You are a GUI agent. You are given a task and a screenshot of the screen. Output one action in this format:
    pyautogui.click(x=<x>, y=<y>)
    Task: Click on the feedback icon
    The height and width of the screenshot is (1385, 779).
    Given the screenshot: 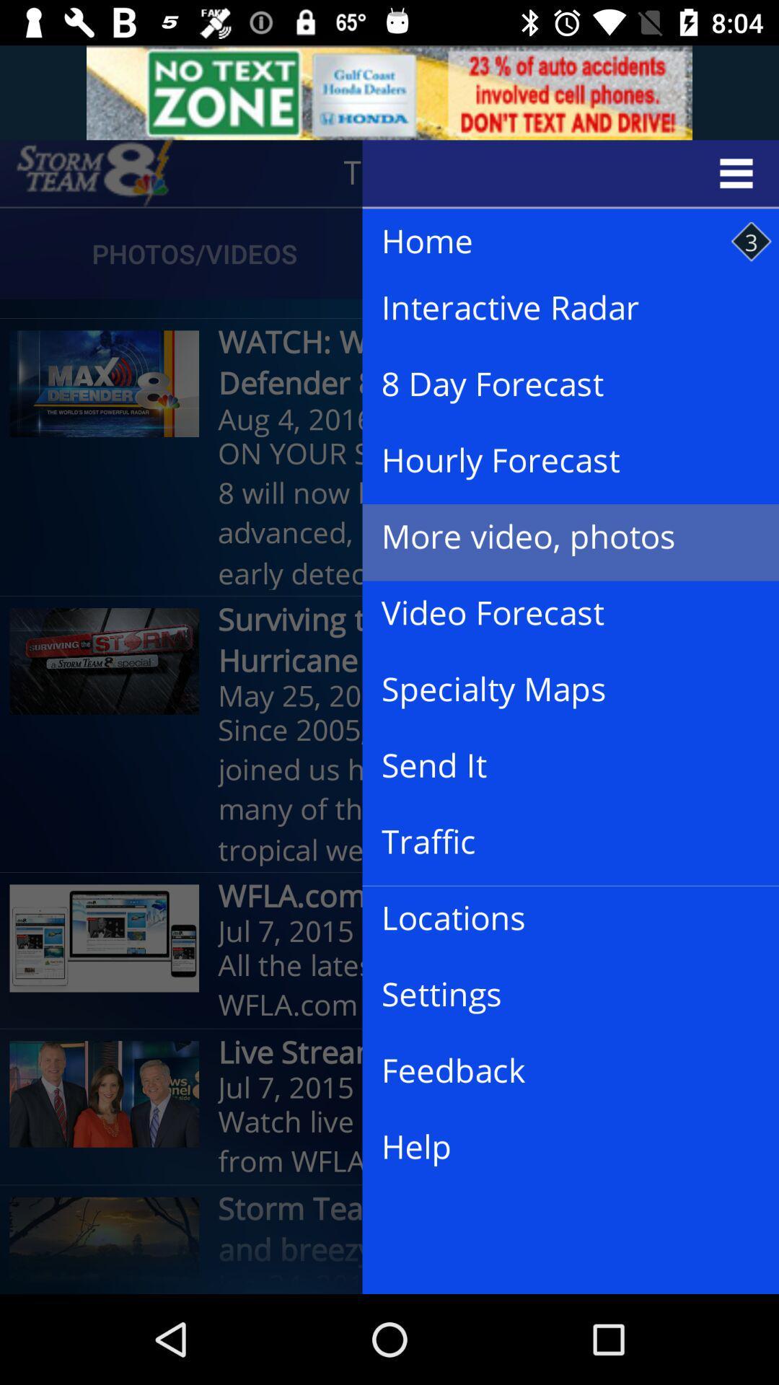 What is the action you would take?
    pyautogui.click(x=558, y=1071)
    